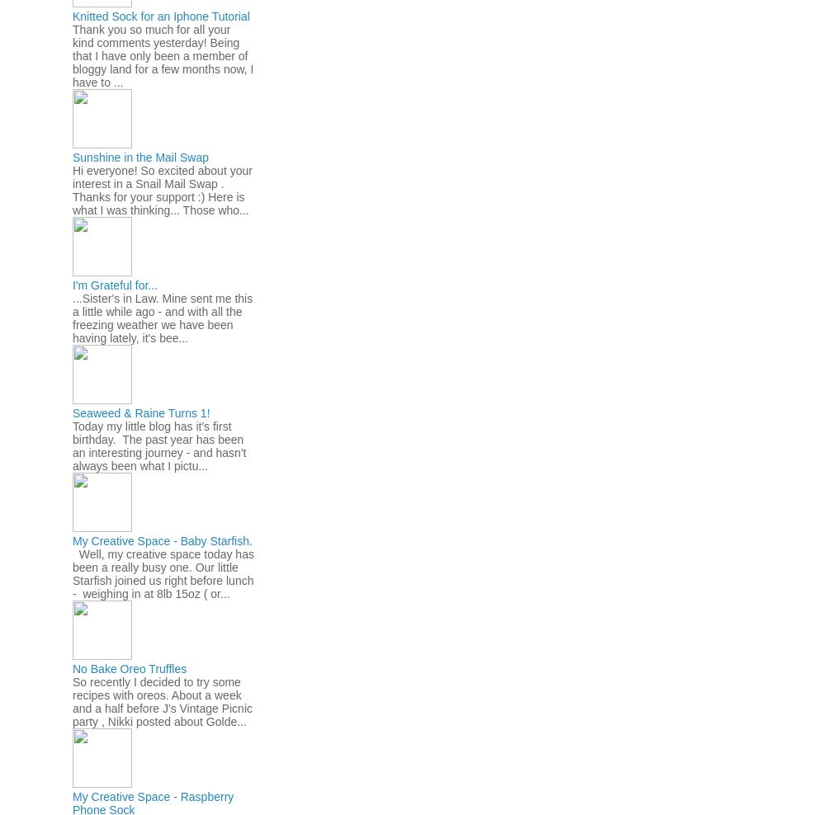  Describe the element at coordinates (140, 156) in the screenshot. I see `'Sunshine in the Mail Swap'` at that location.